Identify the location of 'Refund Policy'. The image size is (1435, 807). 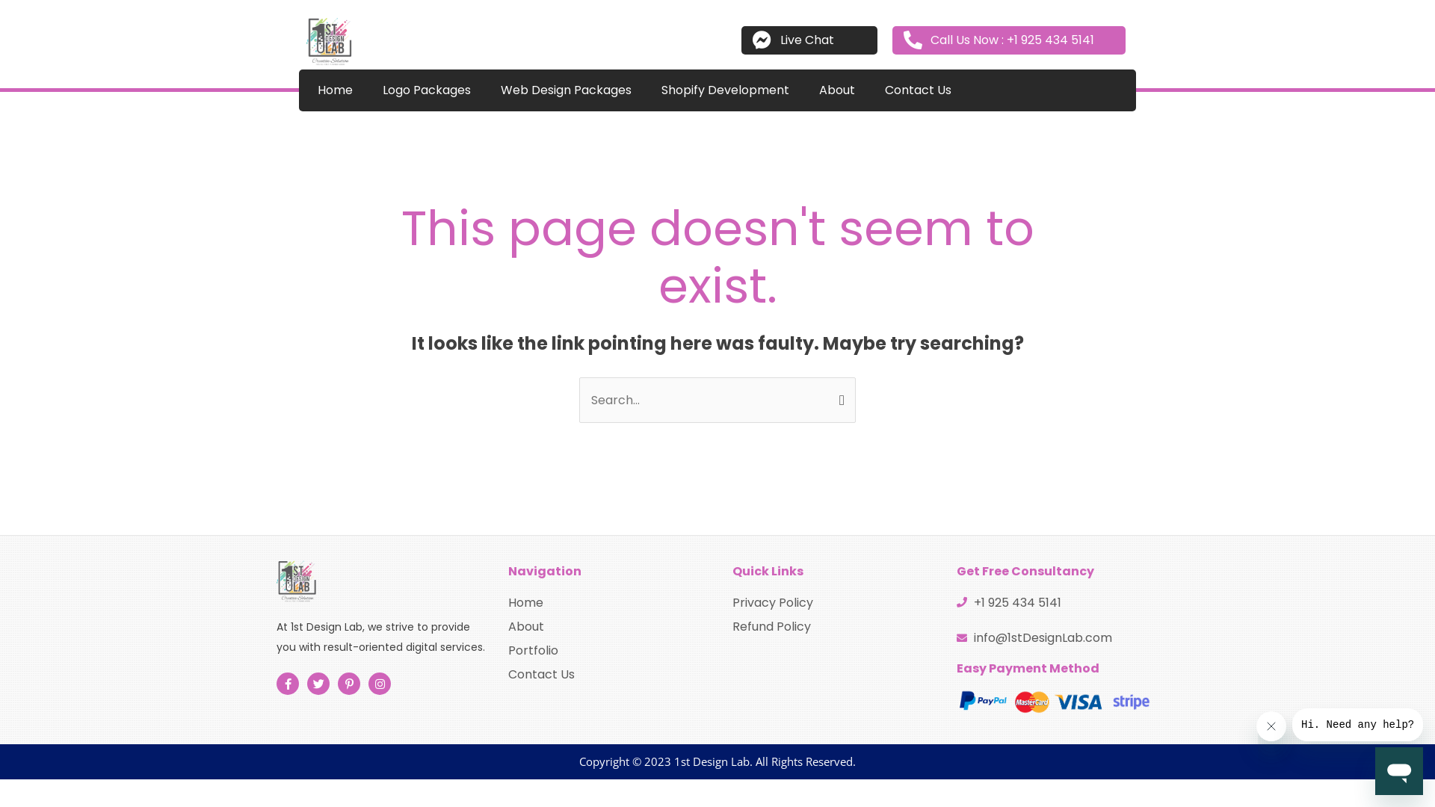
(828, 626).